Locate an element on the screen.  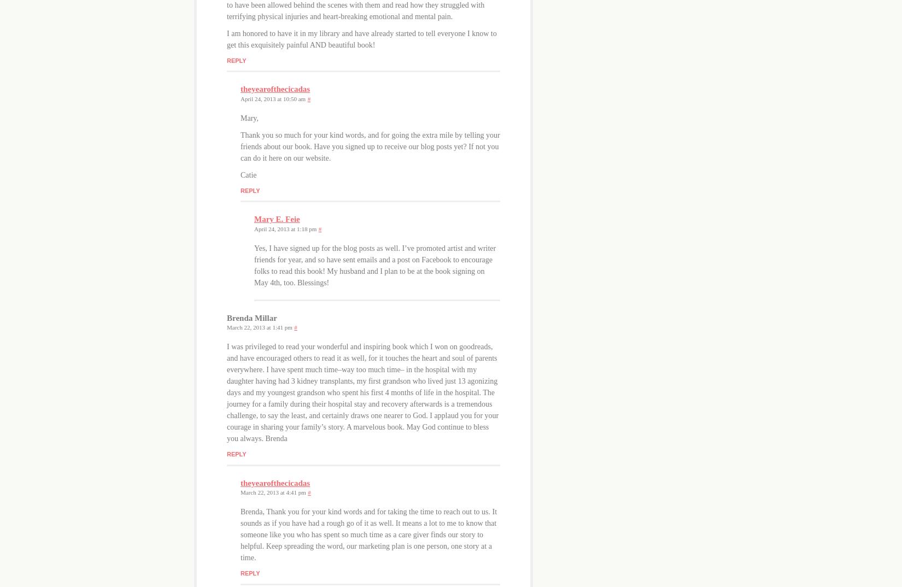
'Brenda,  Thank you for your kind words and for taking the time to reach out to us.  It sounds as if you have had a rough go of it as well. It means a lot to me to know that someone like you who has spent so much time as a care giver finds our story to helpful. Keep spreading the word, our marketing plan is one person, one story at a time.' is located at coordinates (368, 534).